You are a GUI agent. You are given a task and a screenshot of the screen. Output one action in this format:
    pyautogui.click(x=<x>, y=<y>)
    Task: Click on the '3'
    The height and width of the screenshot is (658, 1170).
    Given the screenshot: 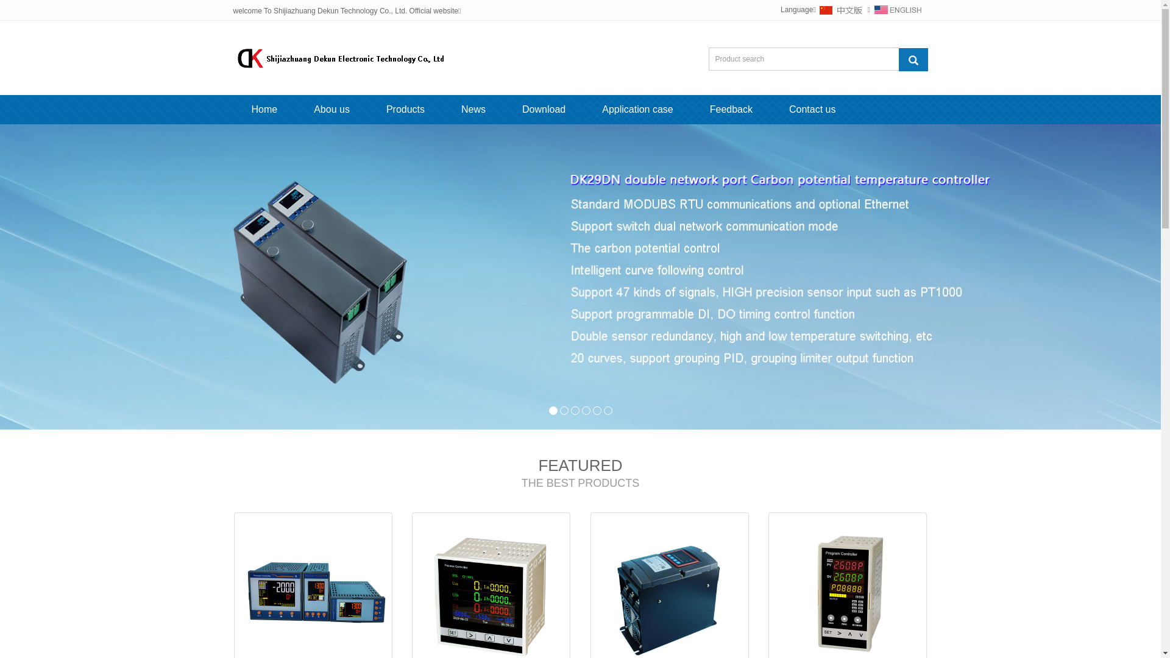 What is the action you would take?
    pyautogui.click(x=573, y=411)
    